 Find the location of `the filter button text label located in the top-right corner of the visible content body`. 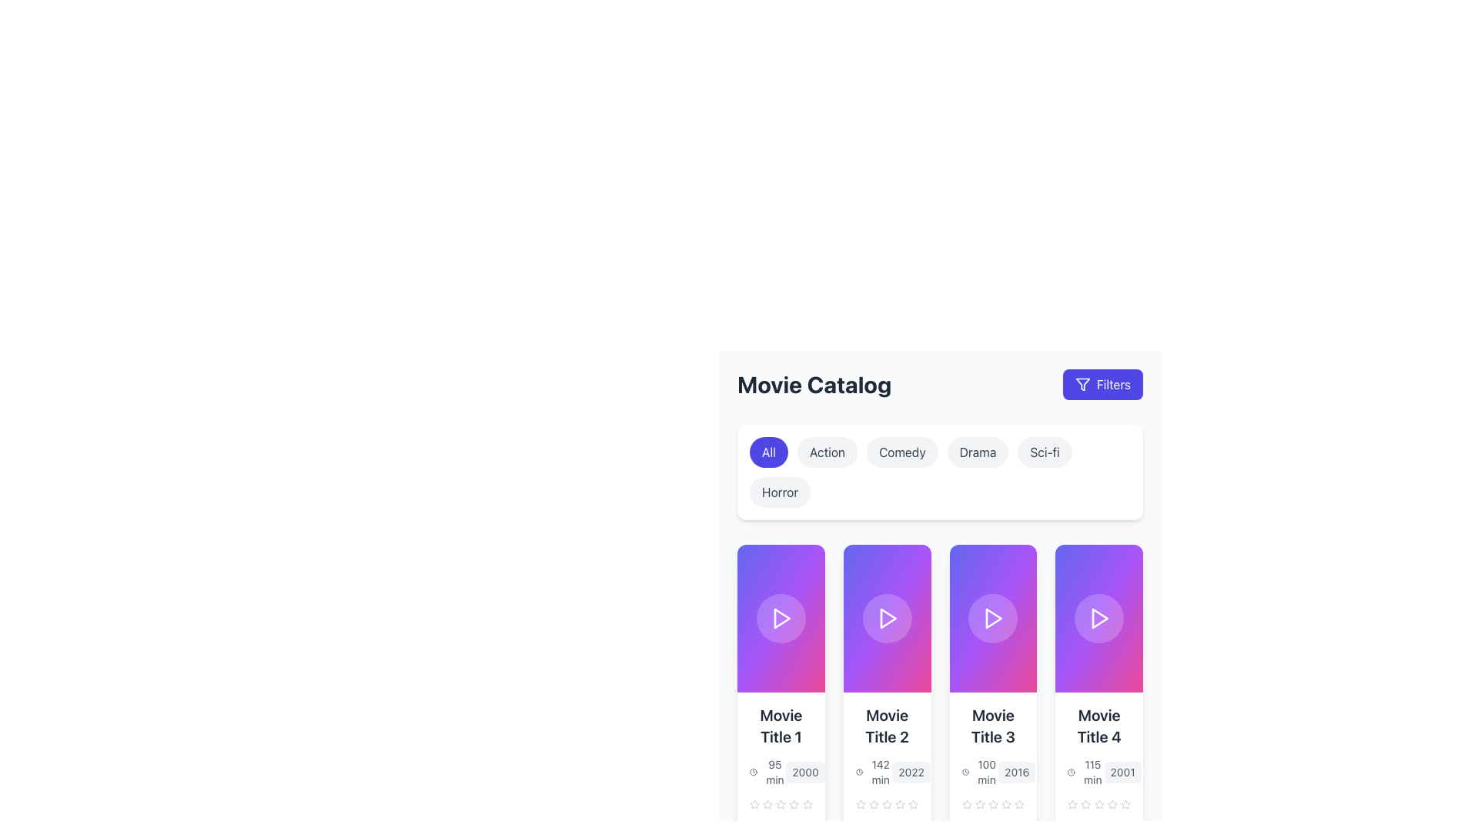

the filter button text label located in the top-right corner of the visible content body is located at coordinates (1113, 384).